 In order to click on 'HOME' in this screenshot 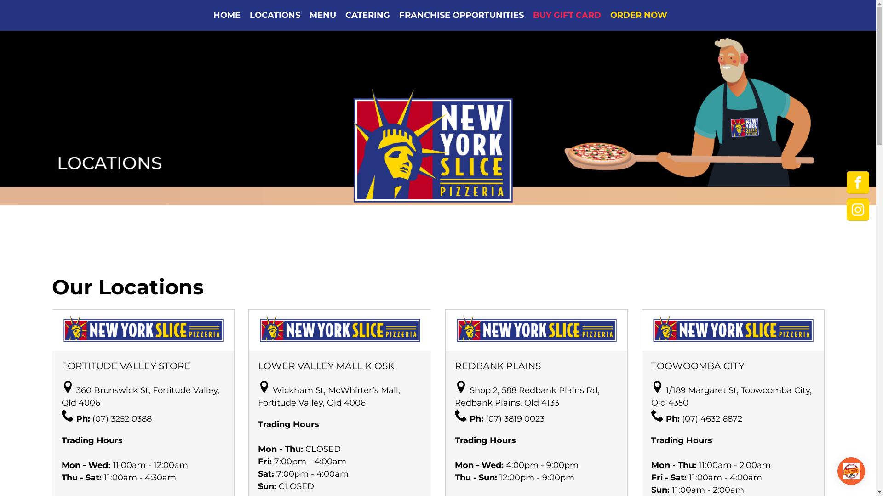, I will do `click(227, 15)`.